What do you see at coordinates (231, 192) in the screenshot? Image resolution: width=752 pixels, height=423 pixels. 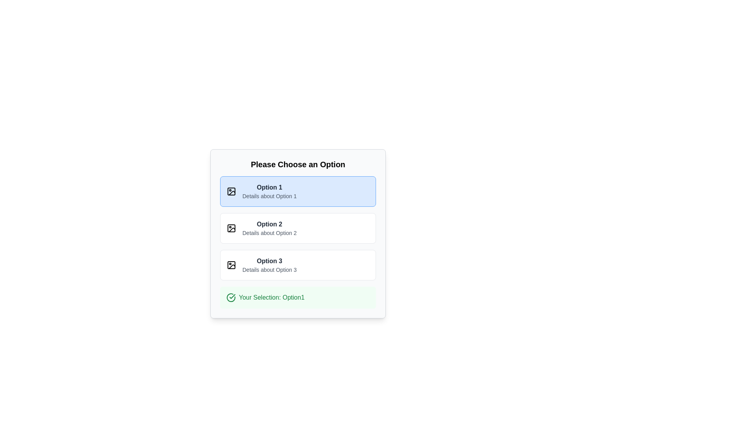 I see `the Image icon located at the top-left of the blue highlighted area labeled 'Option 1', which is the first item in a vertical list of options` at bounding box center [231, 192].